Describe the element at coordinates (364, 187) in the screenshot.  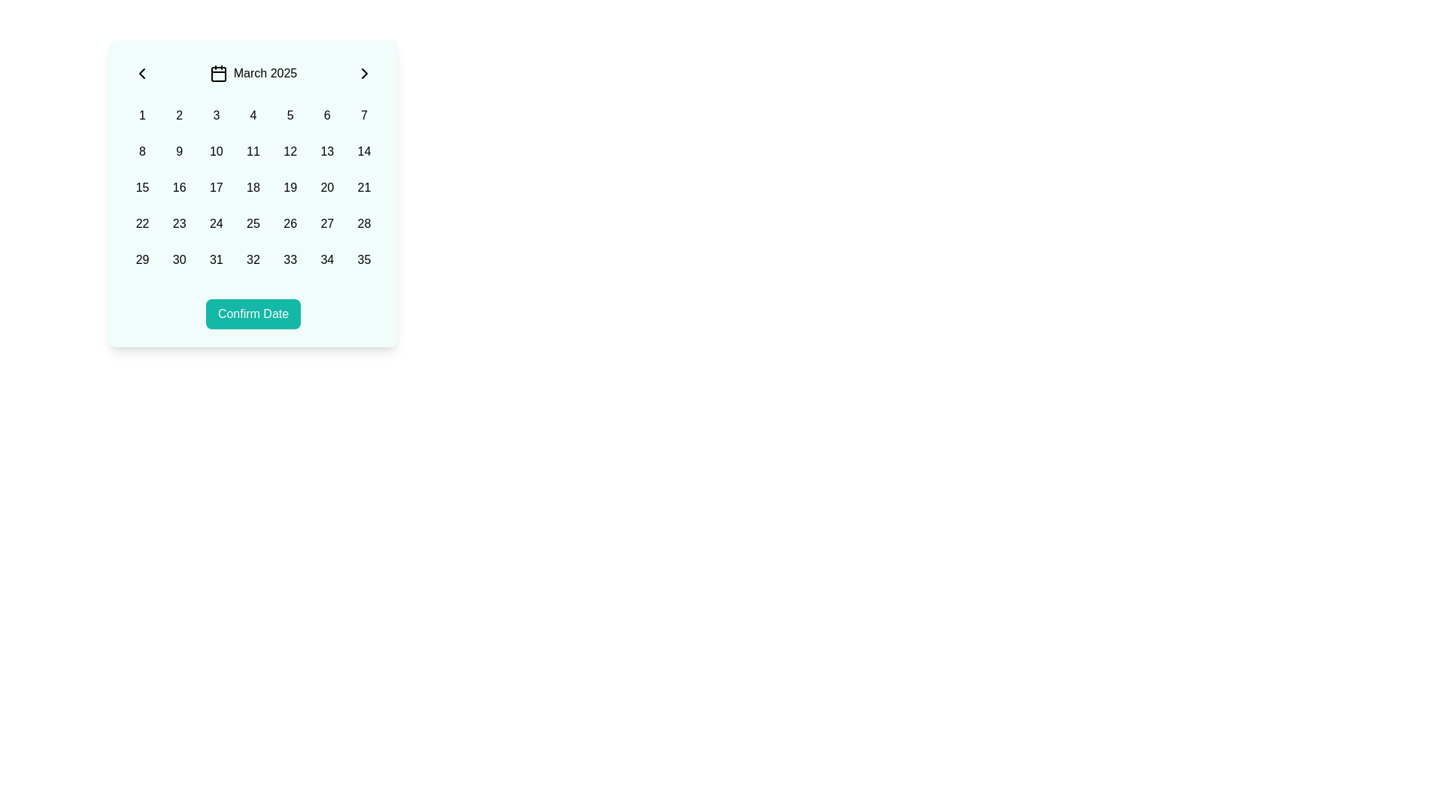
I see `the interactive grid cell that contains the text '21', located in the fourth row and seventh column of the calendar interface for March 2025` at that location.